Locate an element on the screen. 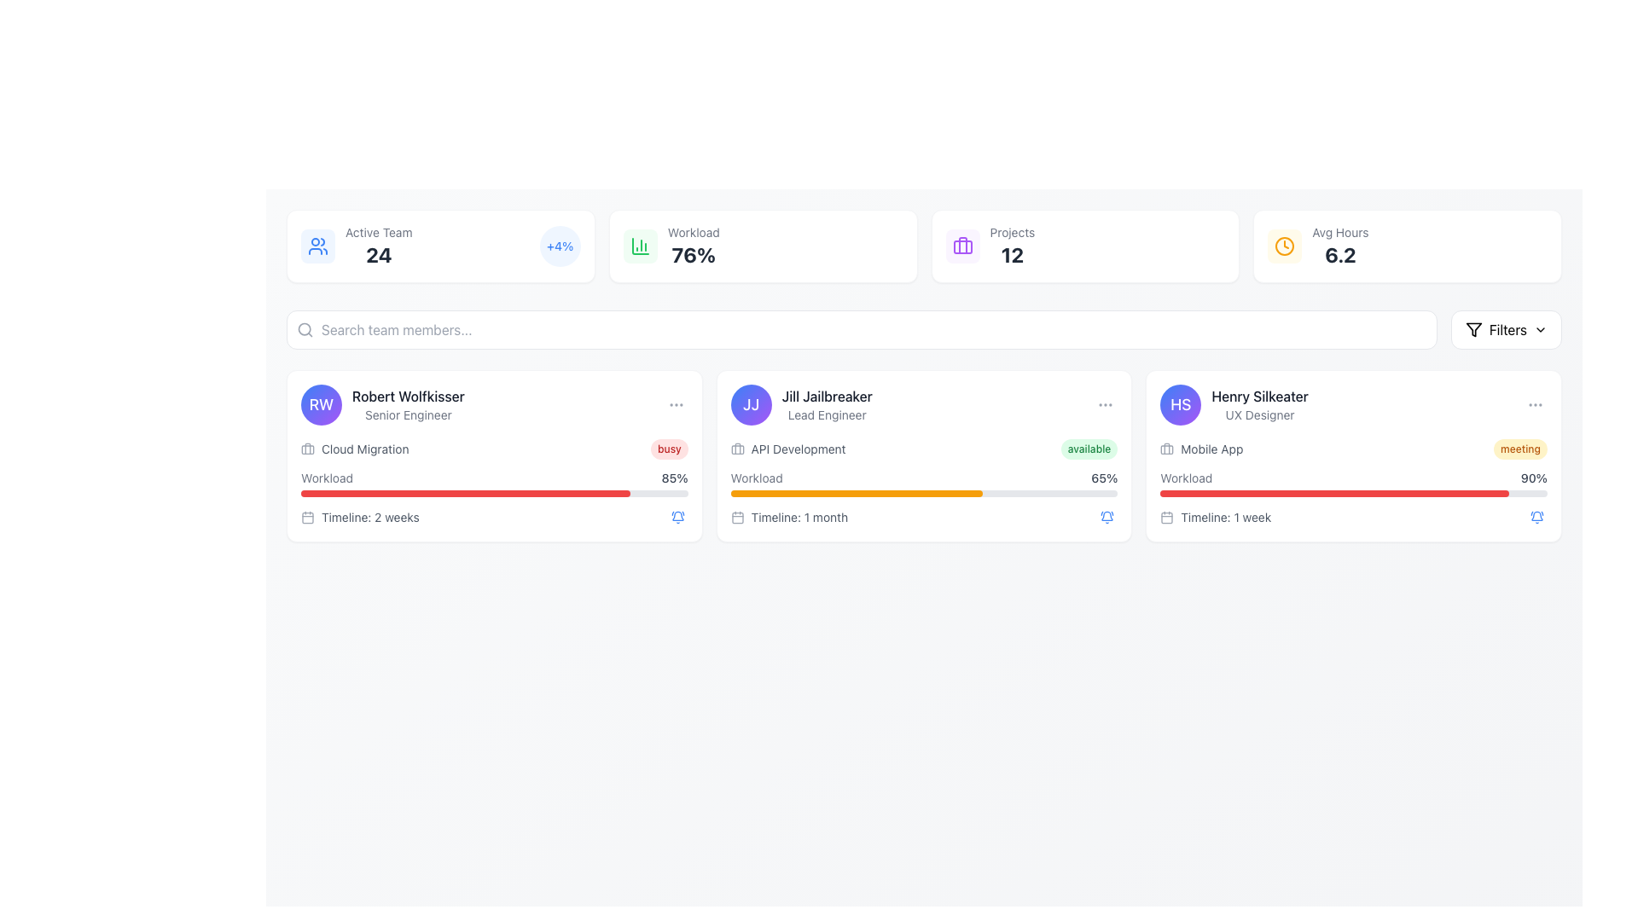 The width and height of the screenshot is (1638, 921). the '+4%' label, which is displayed in bold blue text on a light blue circular background, located to the right of the 'Active Team' label is located at coordinates (560, 246).